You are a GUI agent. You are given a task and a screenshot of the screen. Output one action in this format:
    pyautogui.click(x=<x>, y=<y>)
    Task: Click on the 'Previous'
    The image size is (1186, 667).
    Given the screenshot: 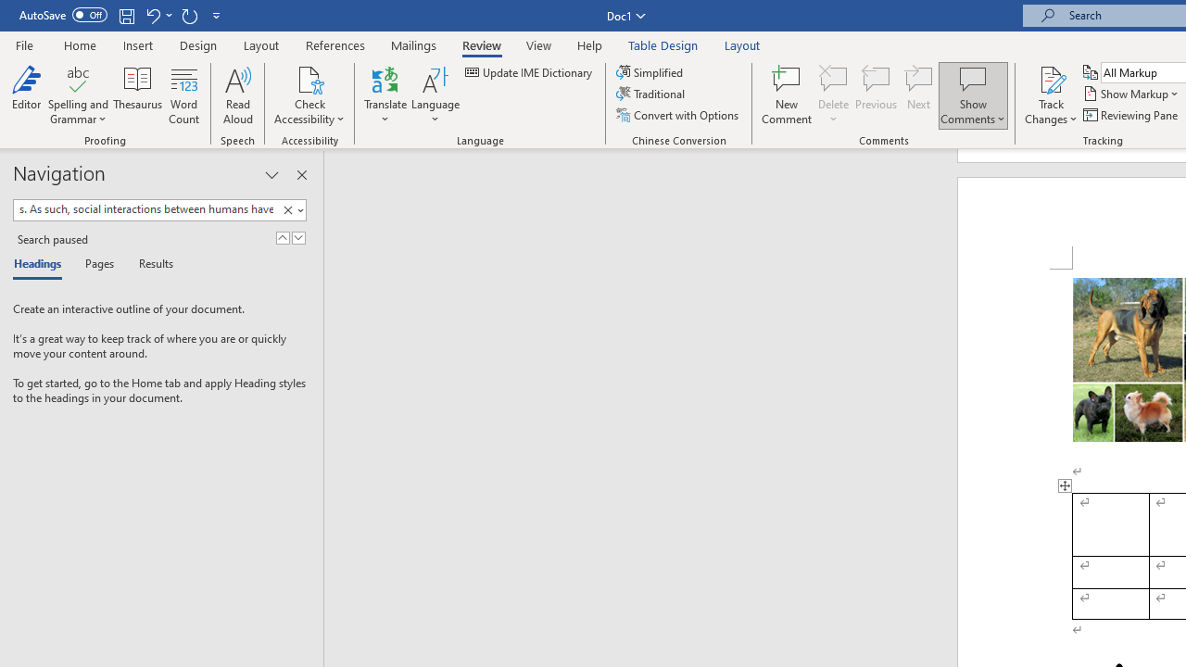 What is the action you would take?
    pyautogui.click(x=876, y=95)
    